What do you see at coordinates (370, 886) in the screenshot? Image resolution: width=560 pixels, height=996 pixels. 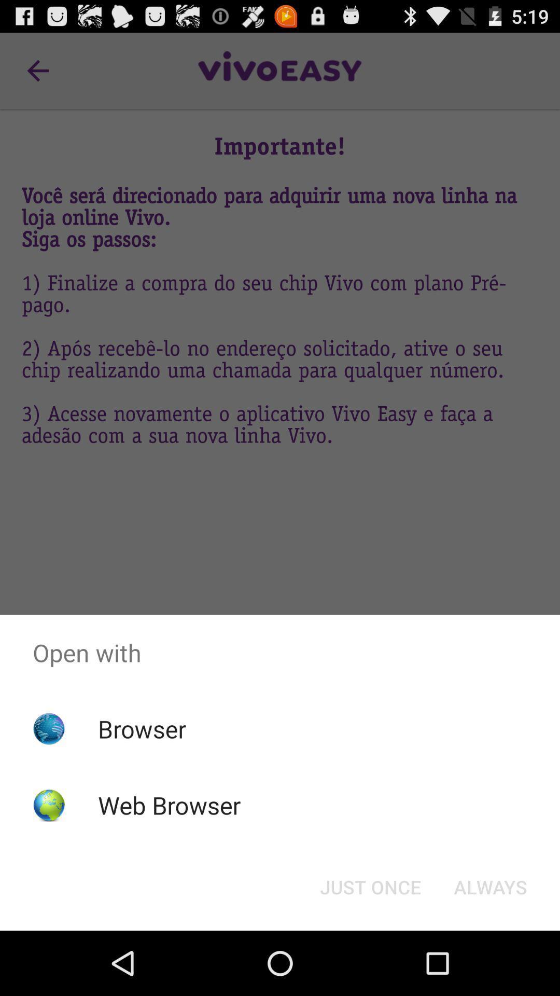 I see `just once at the bottom` at bounding box center [370, 886].